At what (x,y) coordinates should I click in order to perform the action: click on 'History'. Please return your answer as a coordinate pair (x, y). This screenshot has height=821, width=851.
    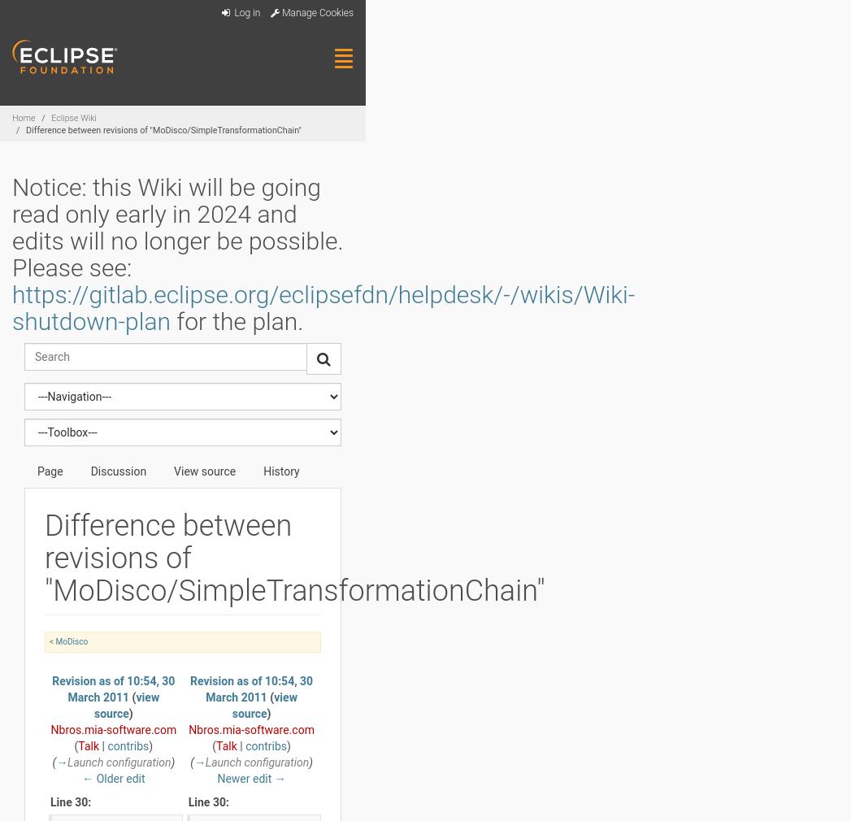
    Looking at the image, I should click on (281, 471).